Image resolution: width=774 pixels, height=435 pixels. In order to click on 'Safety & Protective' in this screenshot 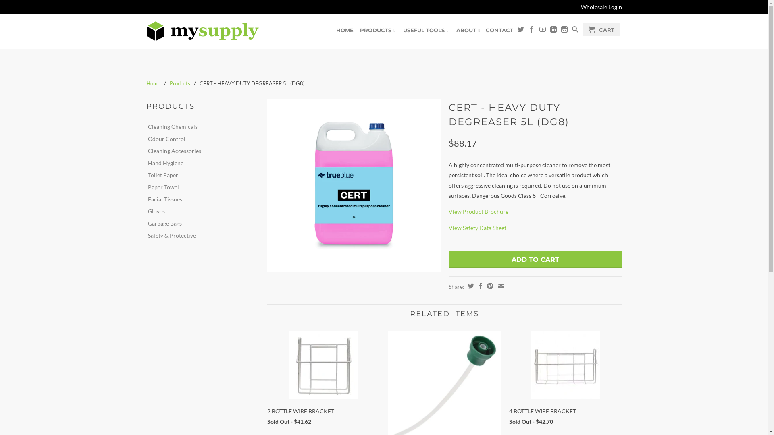, I will do `click(199, 236)`.